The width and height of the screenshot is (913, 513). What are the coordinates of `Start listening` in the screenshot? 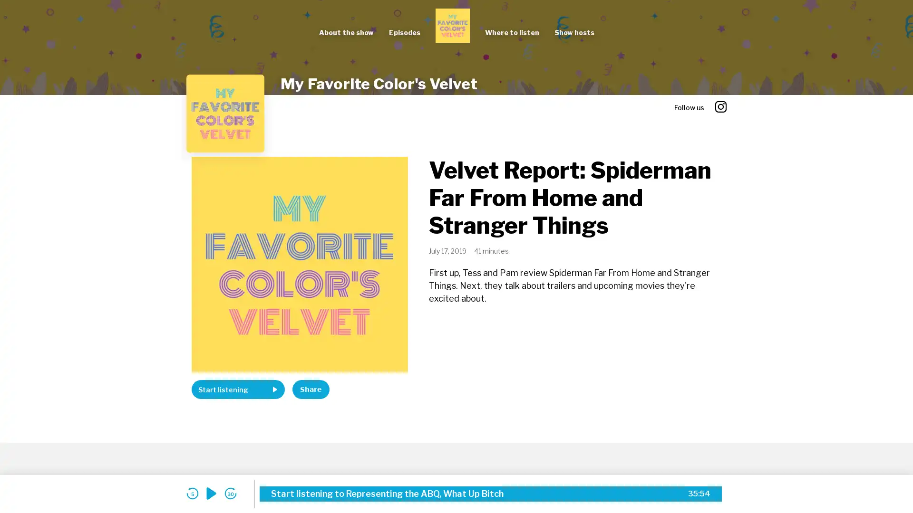 It's located at (238, 389).